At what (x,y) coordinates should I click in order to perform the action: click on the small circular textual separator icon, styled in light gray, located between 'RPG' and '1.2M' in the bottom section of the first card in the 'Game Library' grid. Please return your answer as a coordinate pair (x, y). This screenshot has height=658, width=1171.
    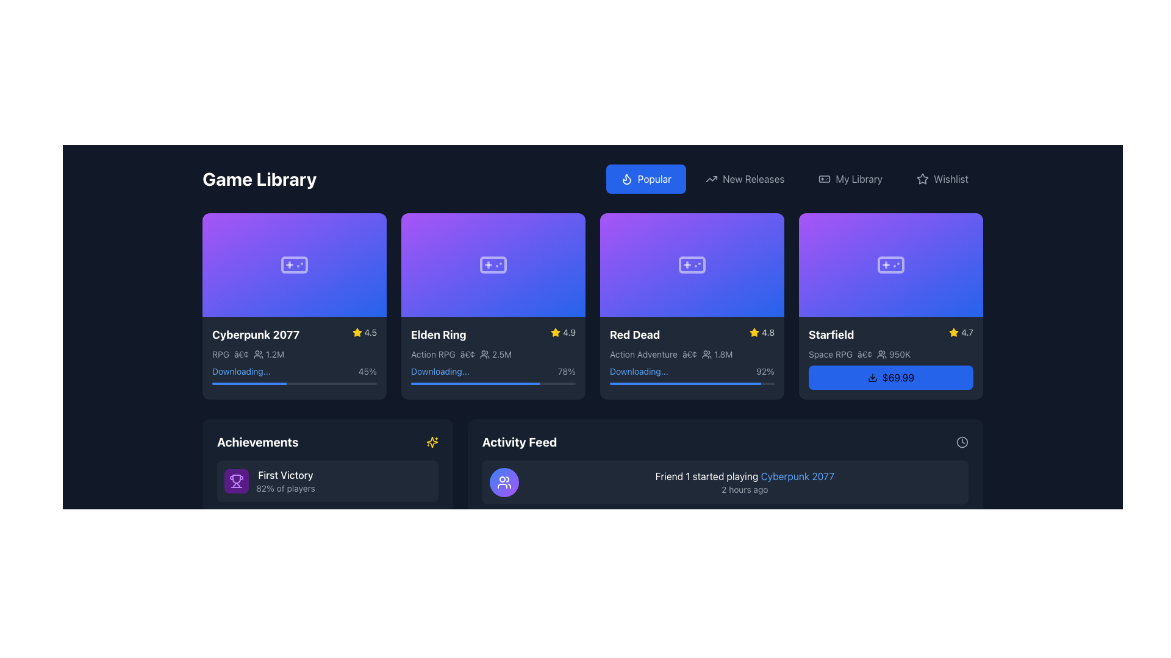
    Looking at the image, I should click on (242, 354).